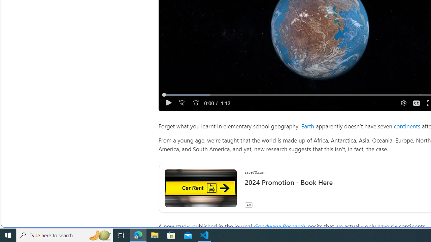 This screenshot has height=242, width=431. Describe the element at coordinates (195, 103) in the screenshot. I see `'Seek Forward'` at that location.